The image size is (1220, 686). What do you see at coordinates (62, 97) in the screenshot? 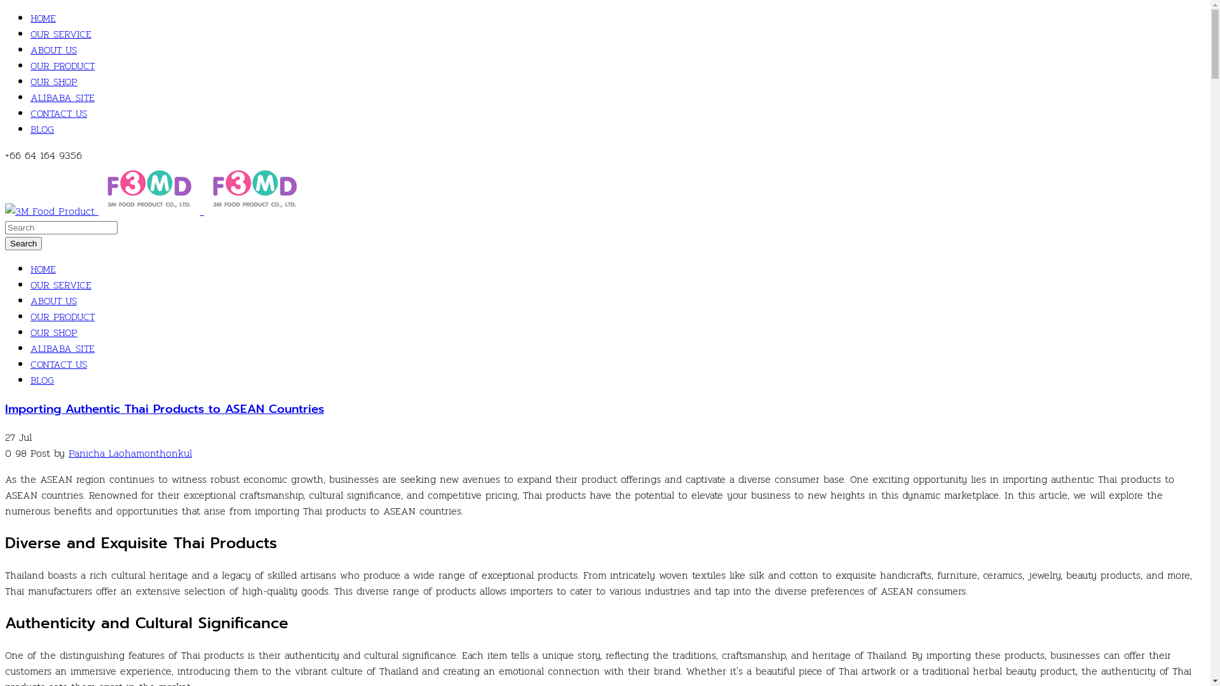
I see `'ALIBABA SITE'` at bounding box center [62, 97].